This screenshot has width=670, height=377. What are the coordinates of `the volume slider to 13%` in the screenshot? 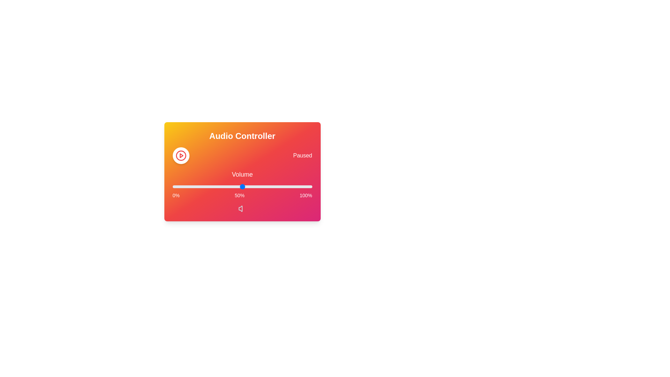 It's located at (191, 186).